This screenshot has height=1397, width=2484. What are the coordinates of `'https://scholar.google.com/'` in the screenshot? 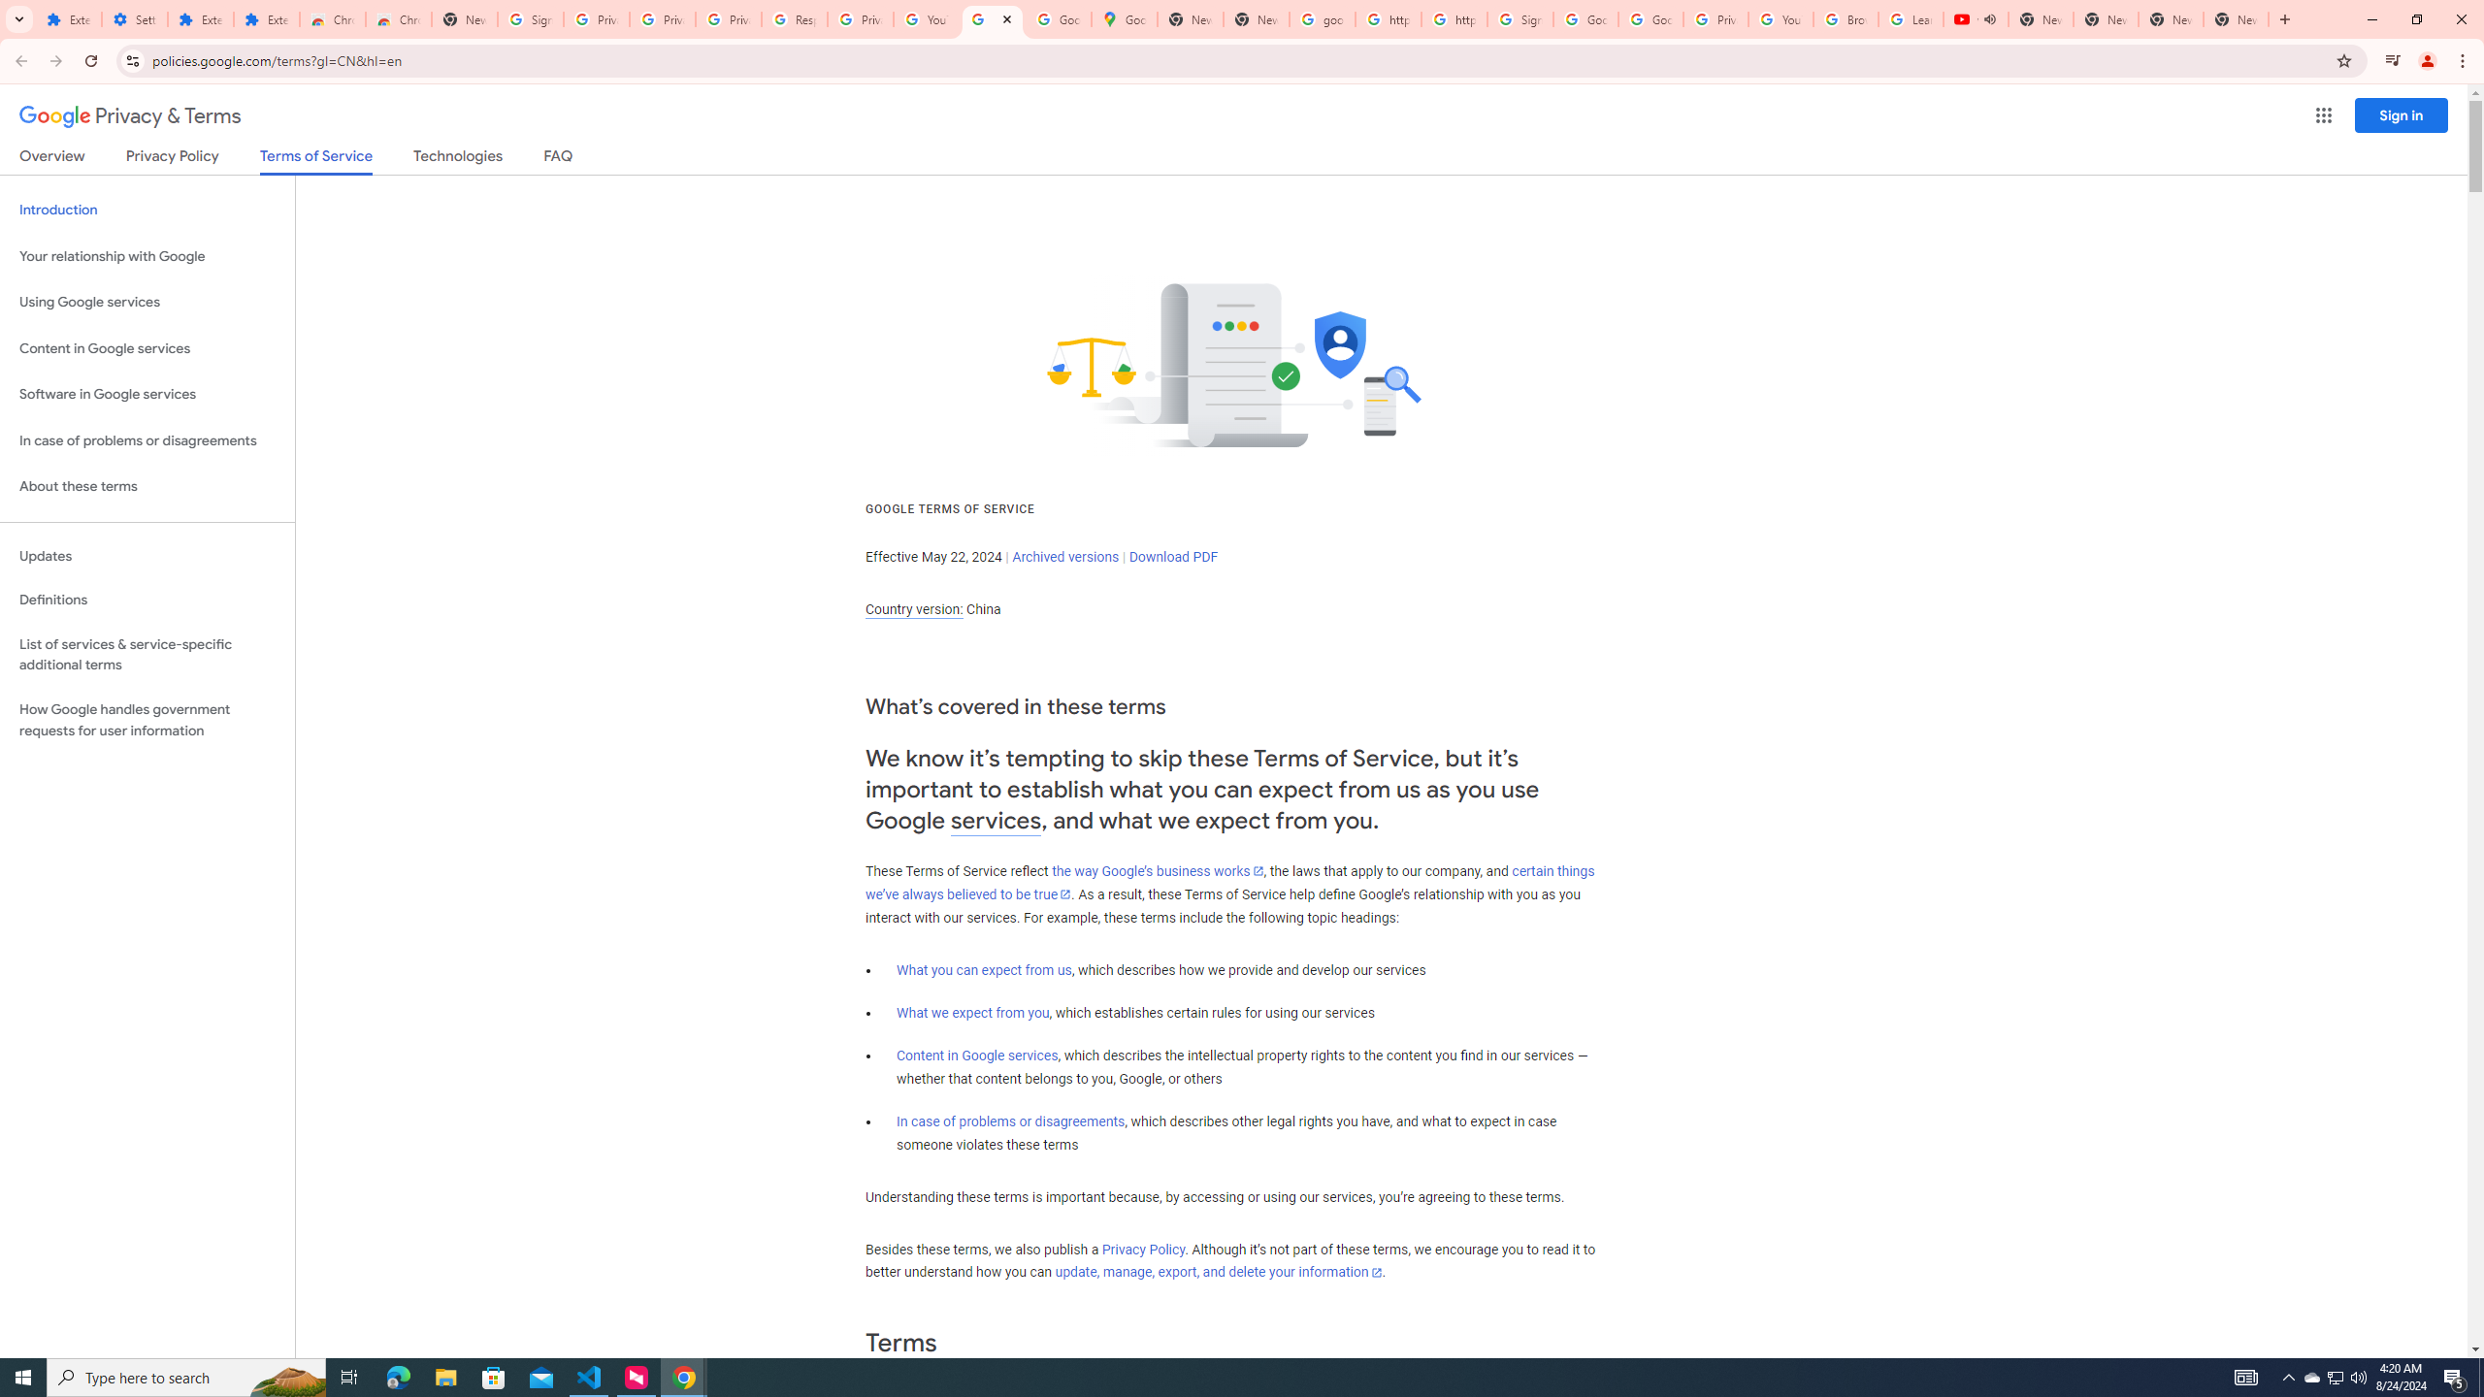 It's located at (1388, 18).